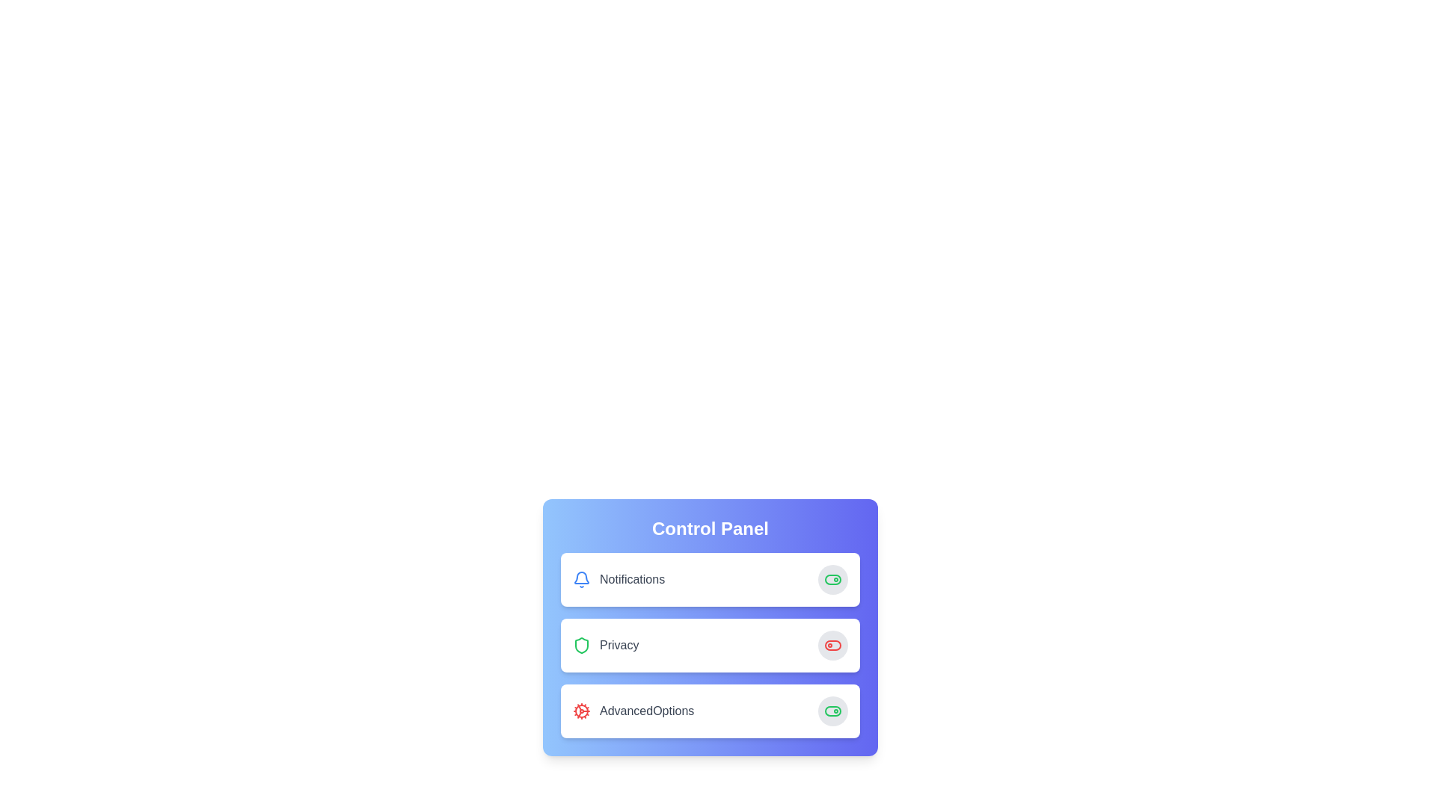 The height and width of the screenshot is (807, 1436). What do you see at coordinates (832, 645) in the screenshot?
I see `the red toggle switch located in the 'Privacy' row of the 'Control Panel' interface for accessibility navigation` at bounding box center [832, 645].